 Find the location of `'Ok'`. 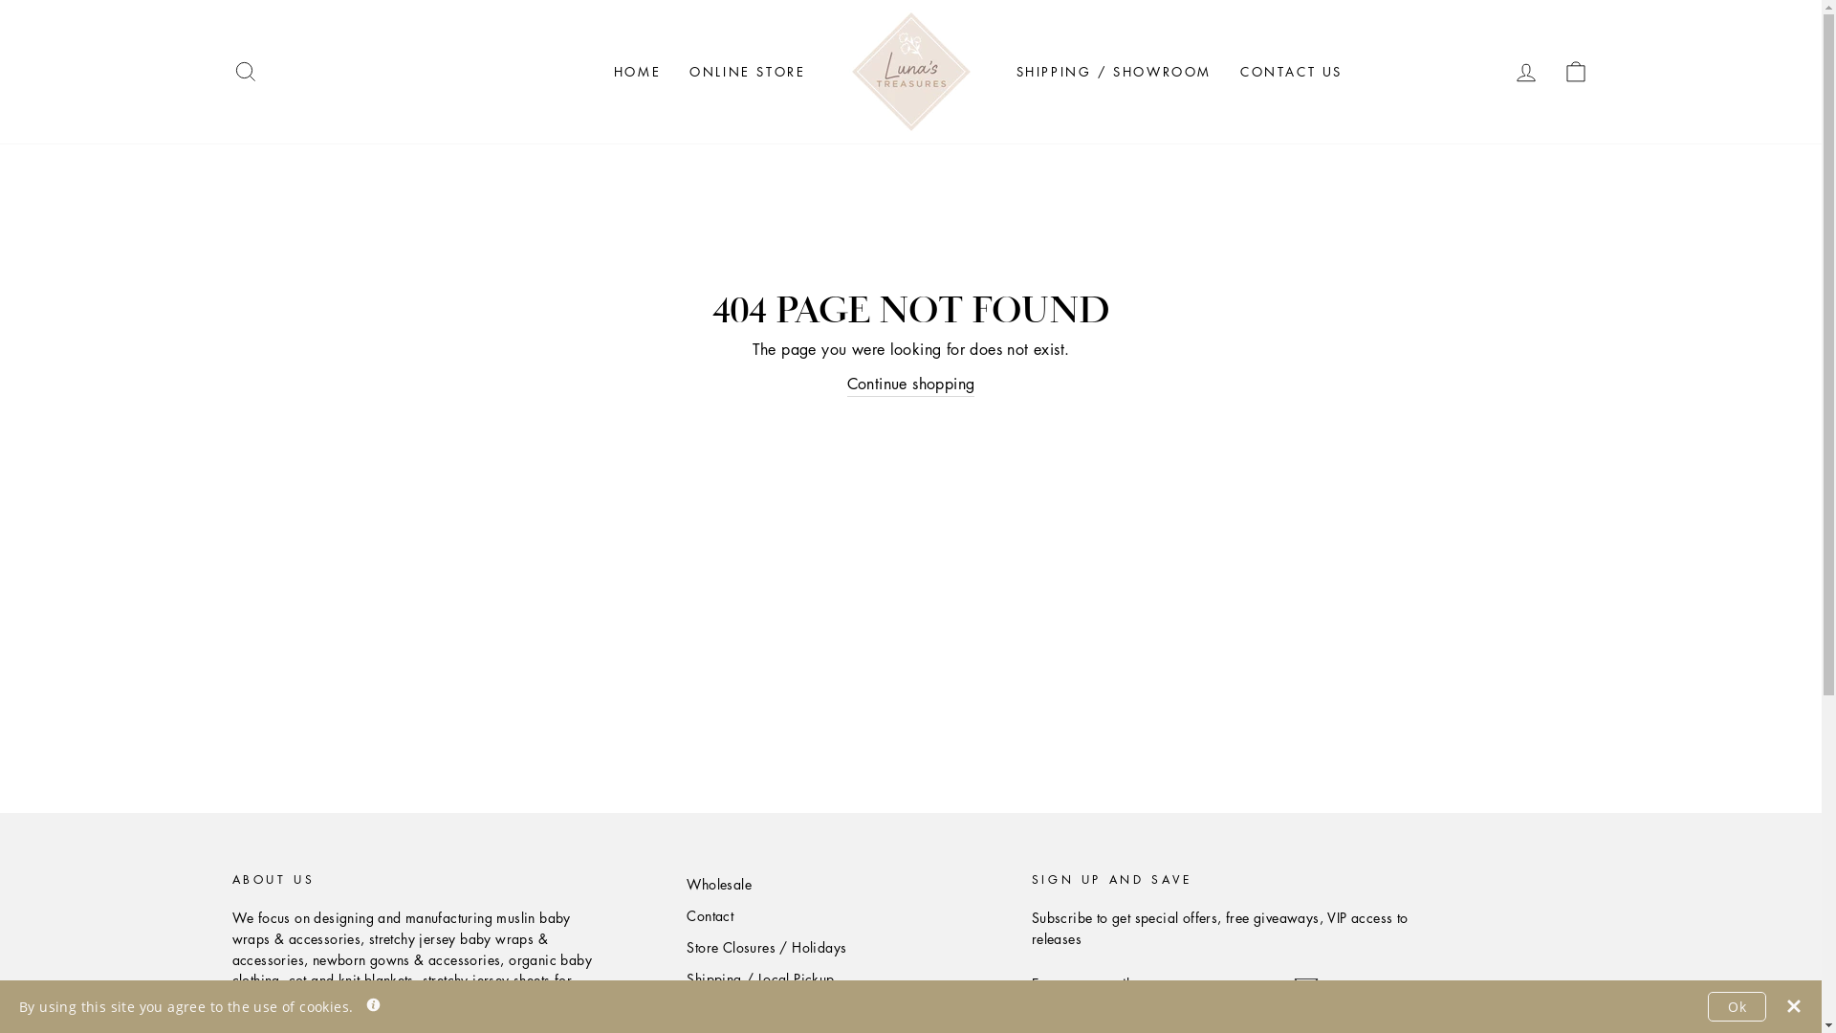

'Ok' is located at coordinates (1737, 1005).